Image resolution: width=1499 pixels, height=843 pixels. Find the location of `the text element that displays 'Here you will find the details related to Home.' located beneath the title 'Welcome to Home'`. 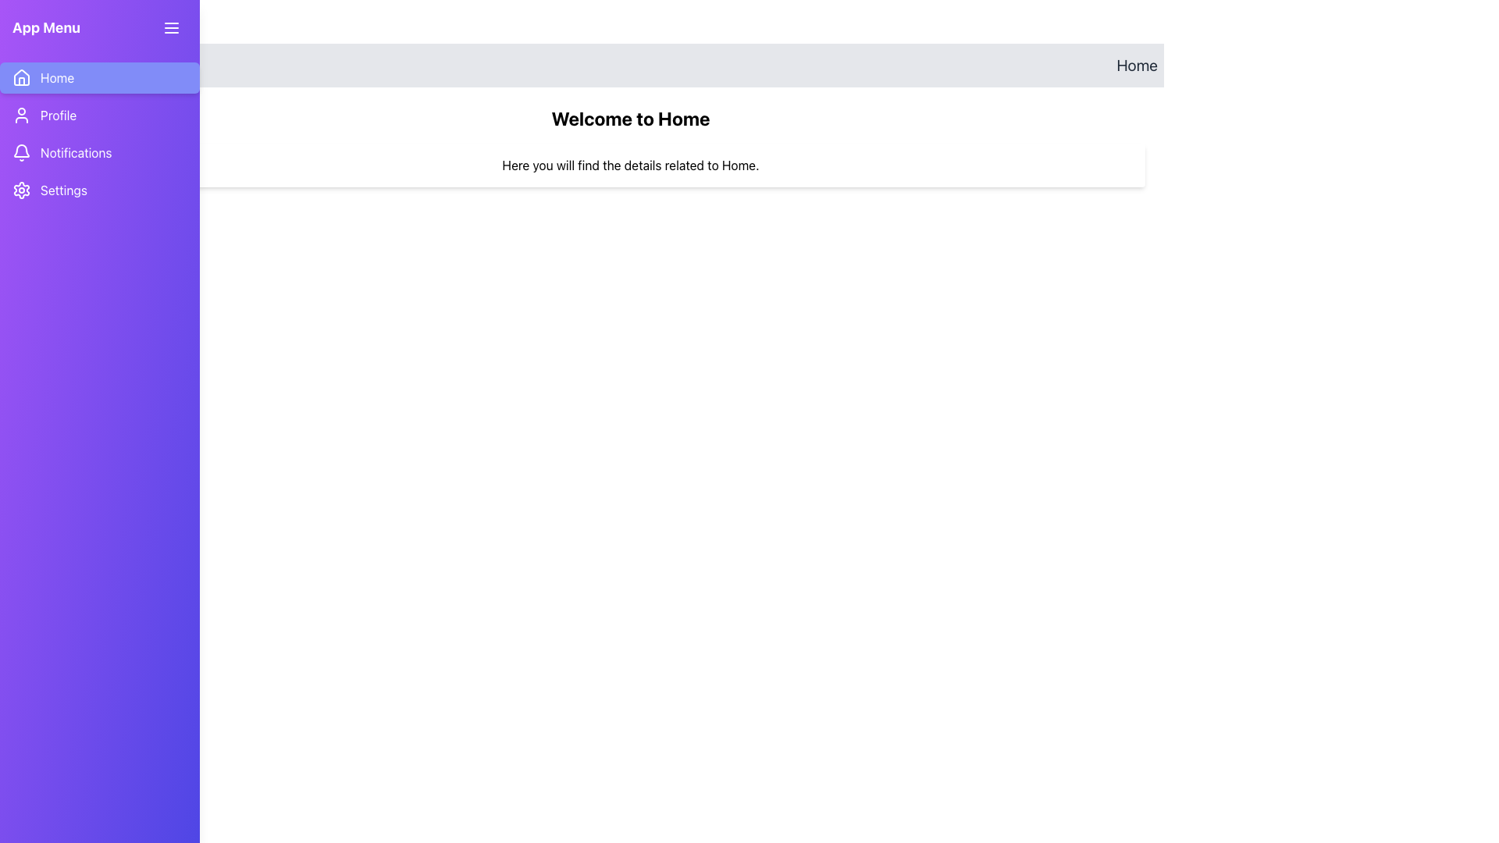

the text element that displays 'Here you will find the details related to Home.' located beneath the title 'Welcome to Home' is located at coordinates (630, 165).